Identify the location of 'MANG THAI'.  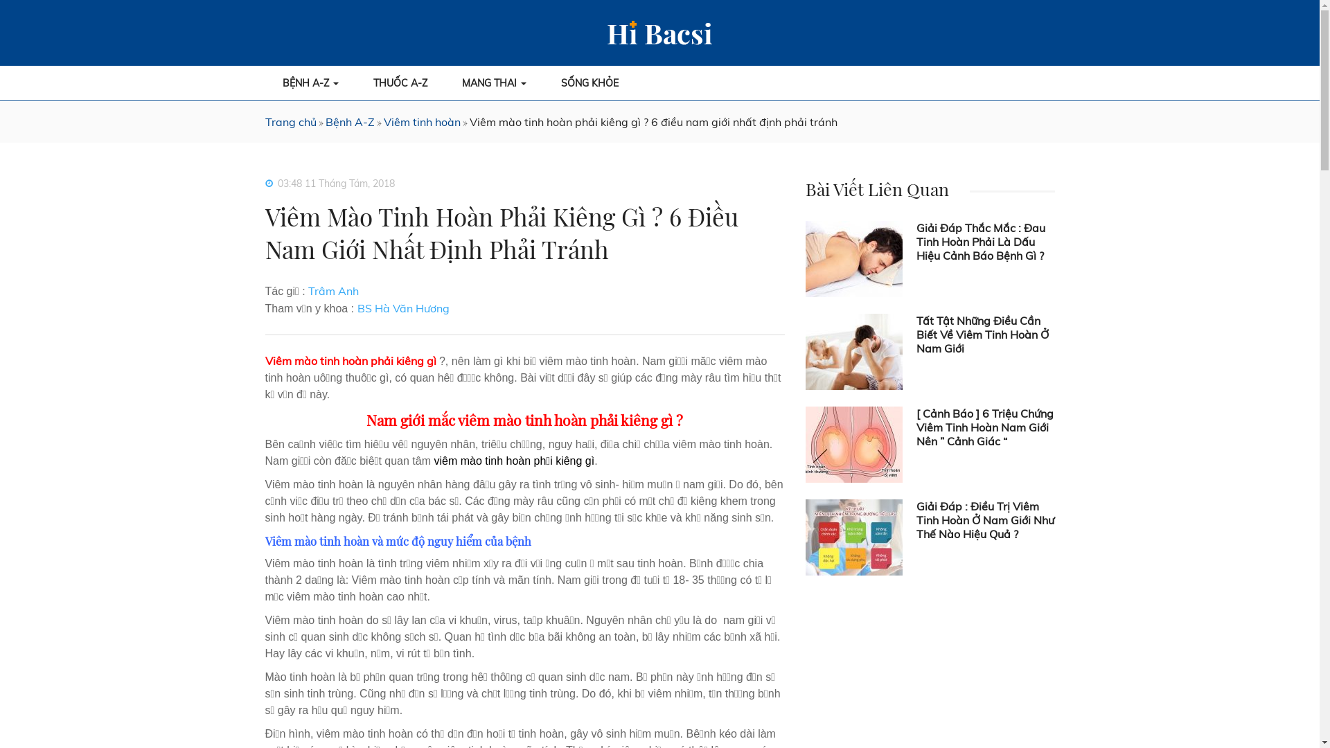
(494, 82).